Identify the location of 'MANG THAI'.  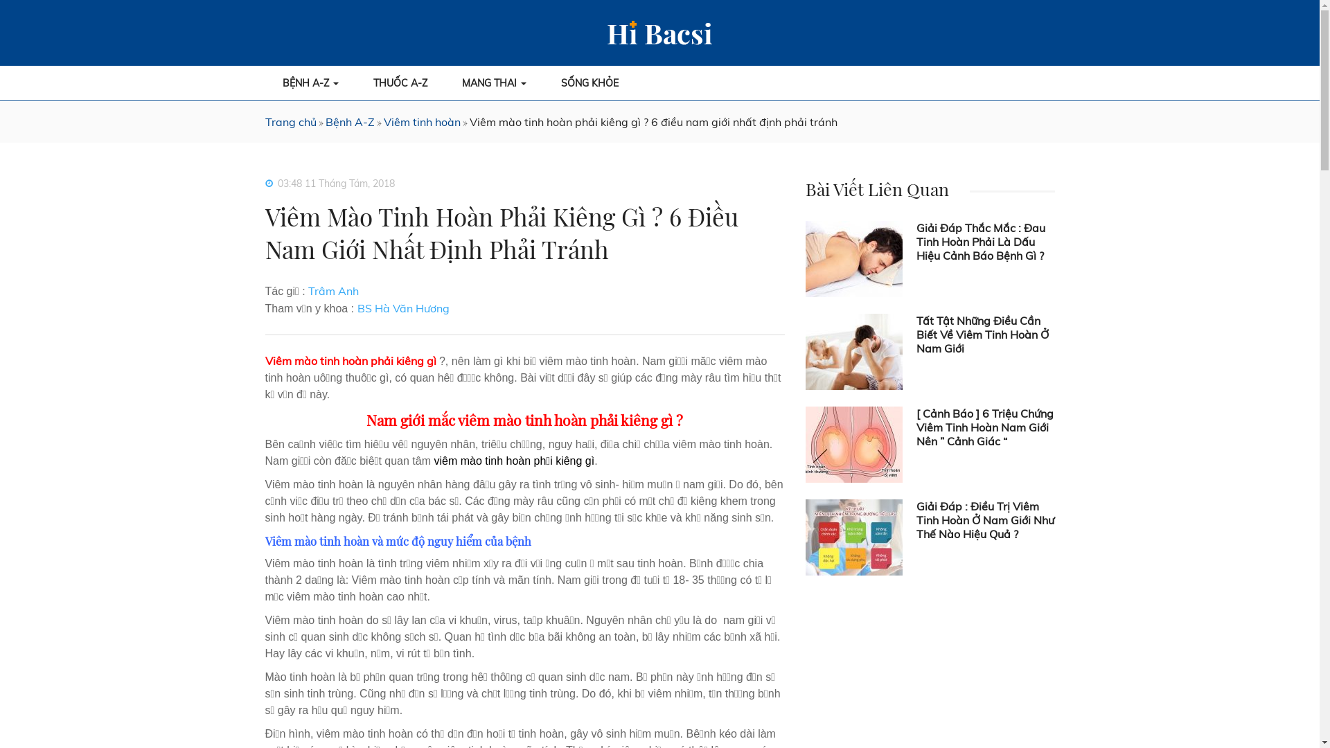
(494, 82).